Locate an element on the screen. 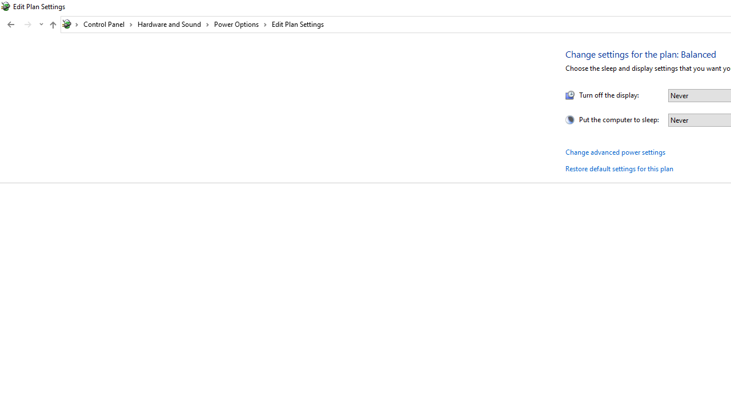  'Edit Plan Settings' is located at coordinates (298, 24).